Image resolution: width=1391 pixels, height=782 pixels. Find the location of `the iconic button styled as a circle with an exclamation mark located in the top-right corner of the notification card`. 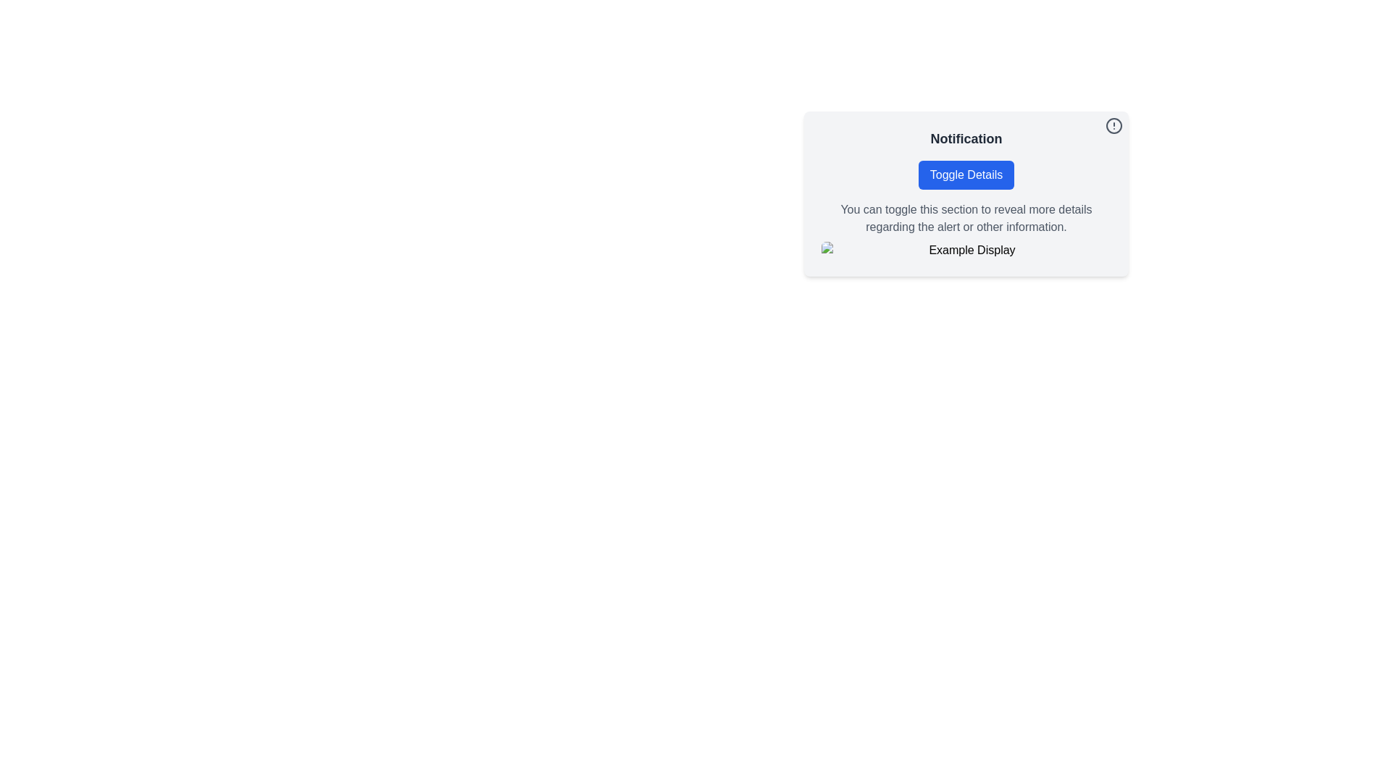

the iconic button styled as a circle with an exclamation mark located in the top-right corner of the notification card is located at coordinates (1113, 125).